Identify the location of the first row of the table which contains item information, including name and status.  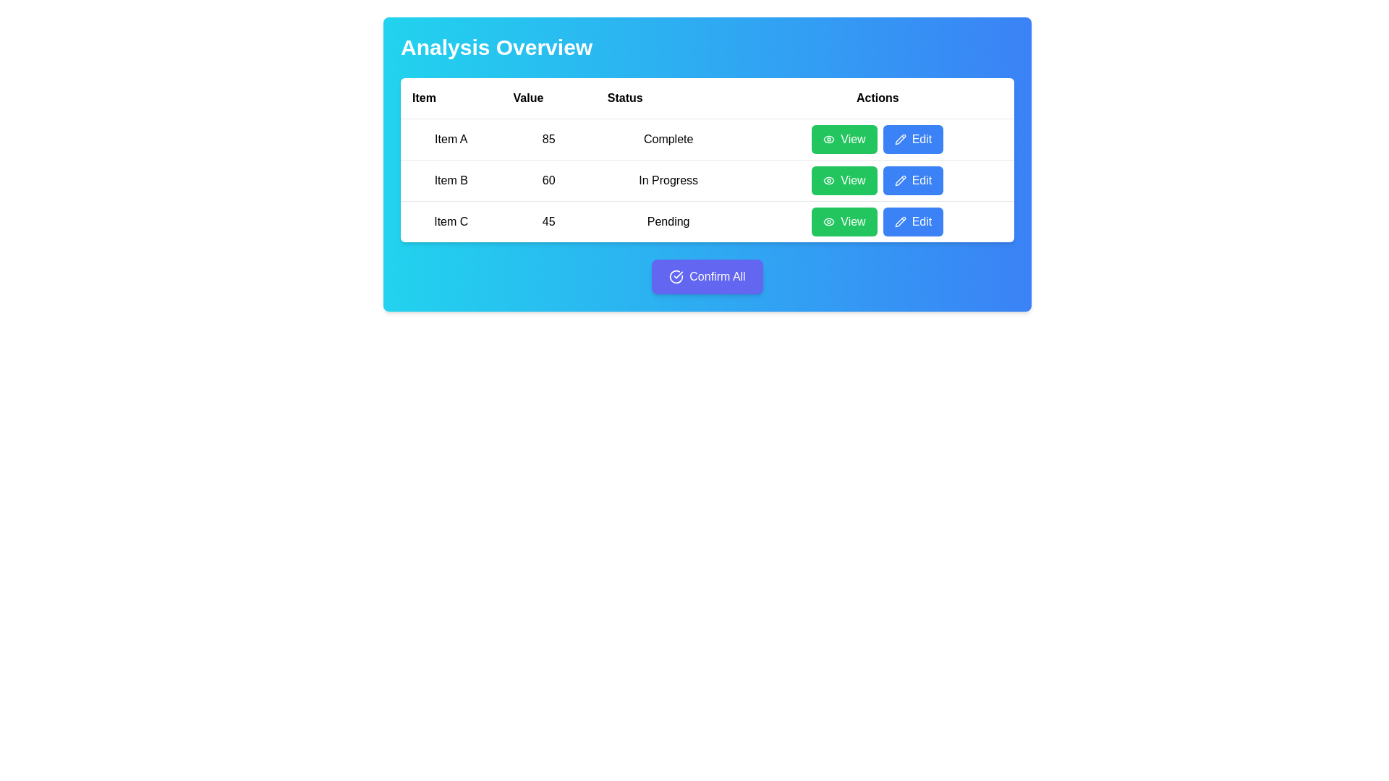
(708, 139).